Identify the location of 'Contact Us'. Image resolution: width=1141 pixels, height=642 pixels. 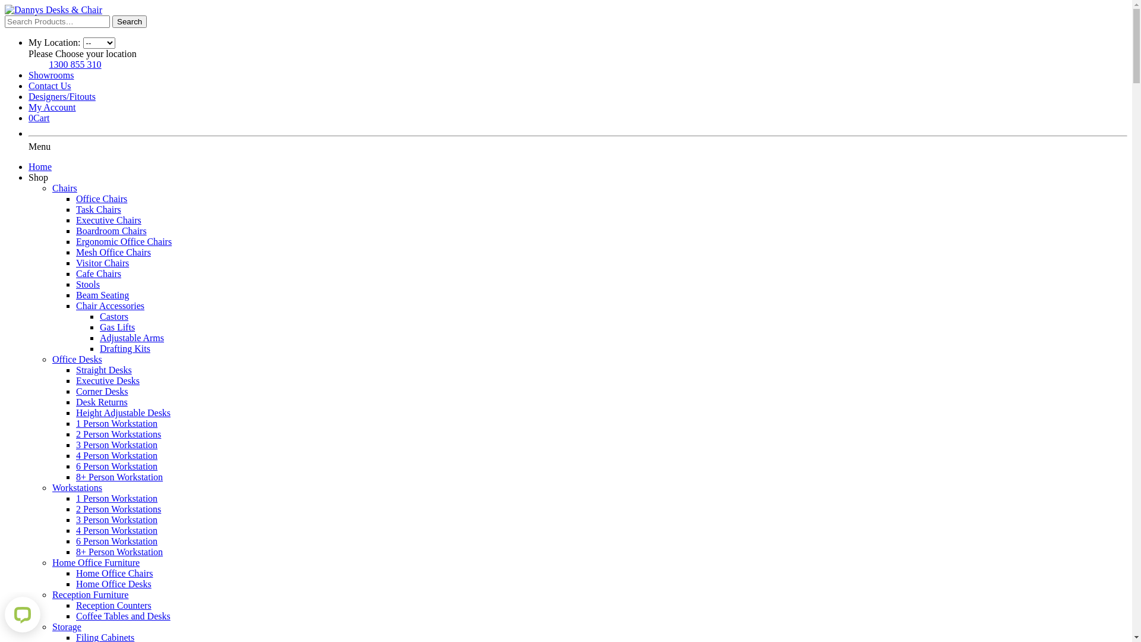
(49, 85).